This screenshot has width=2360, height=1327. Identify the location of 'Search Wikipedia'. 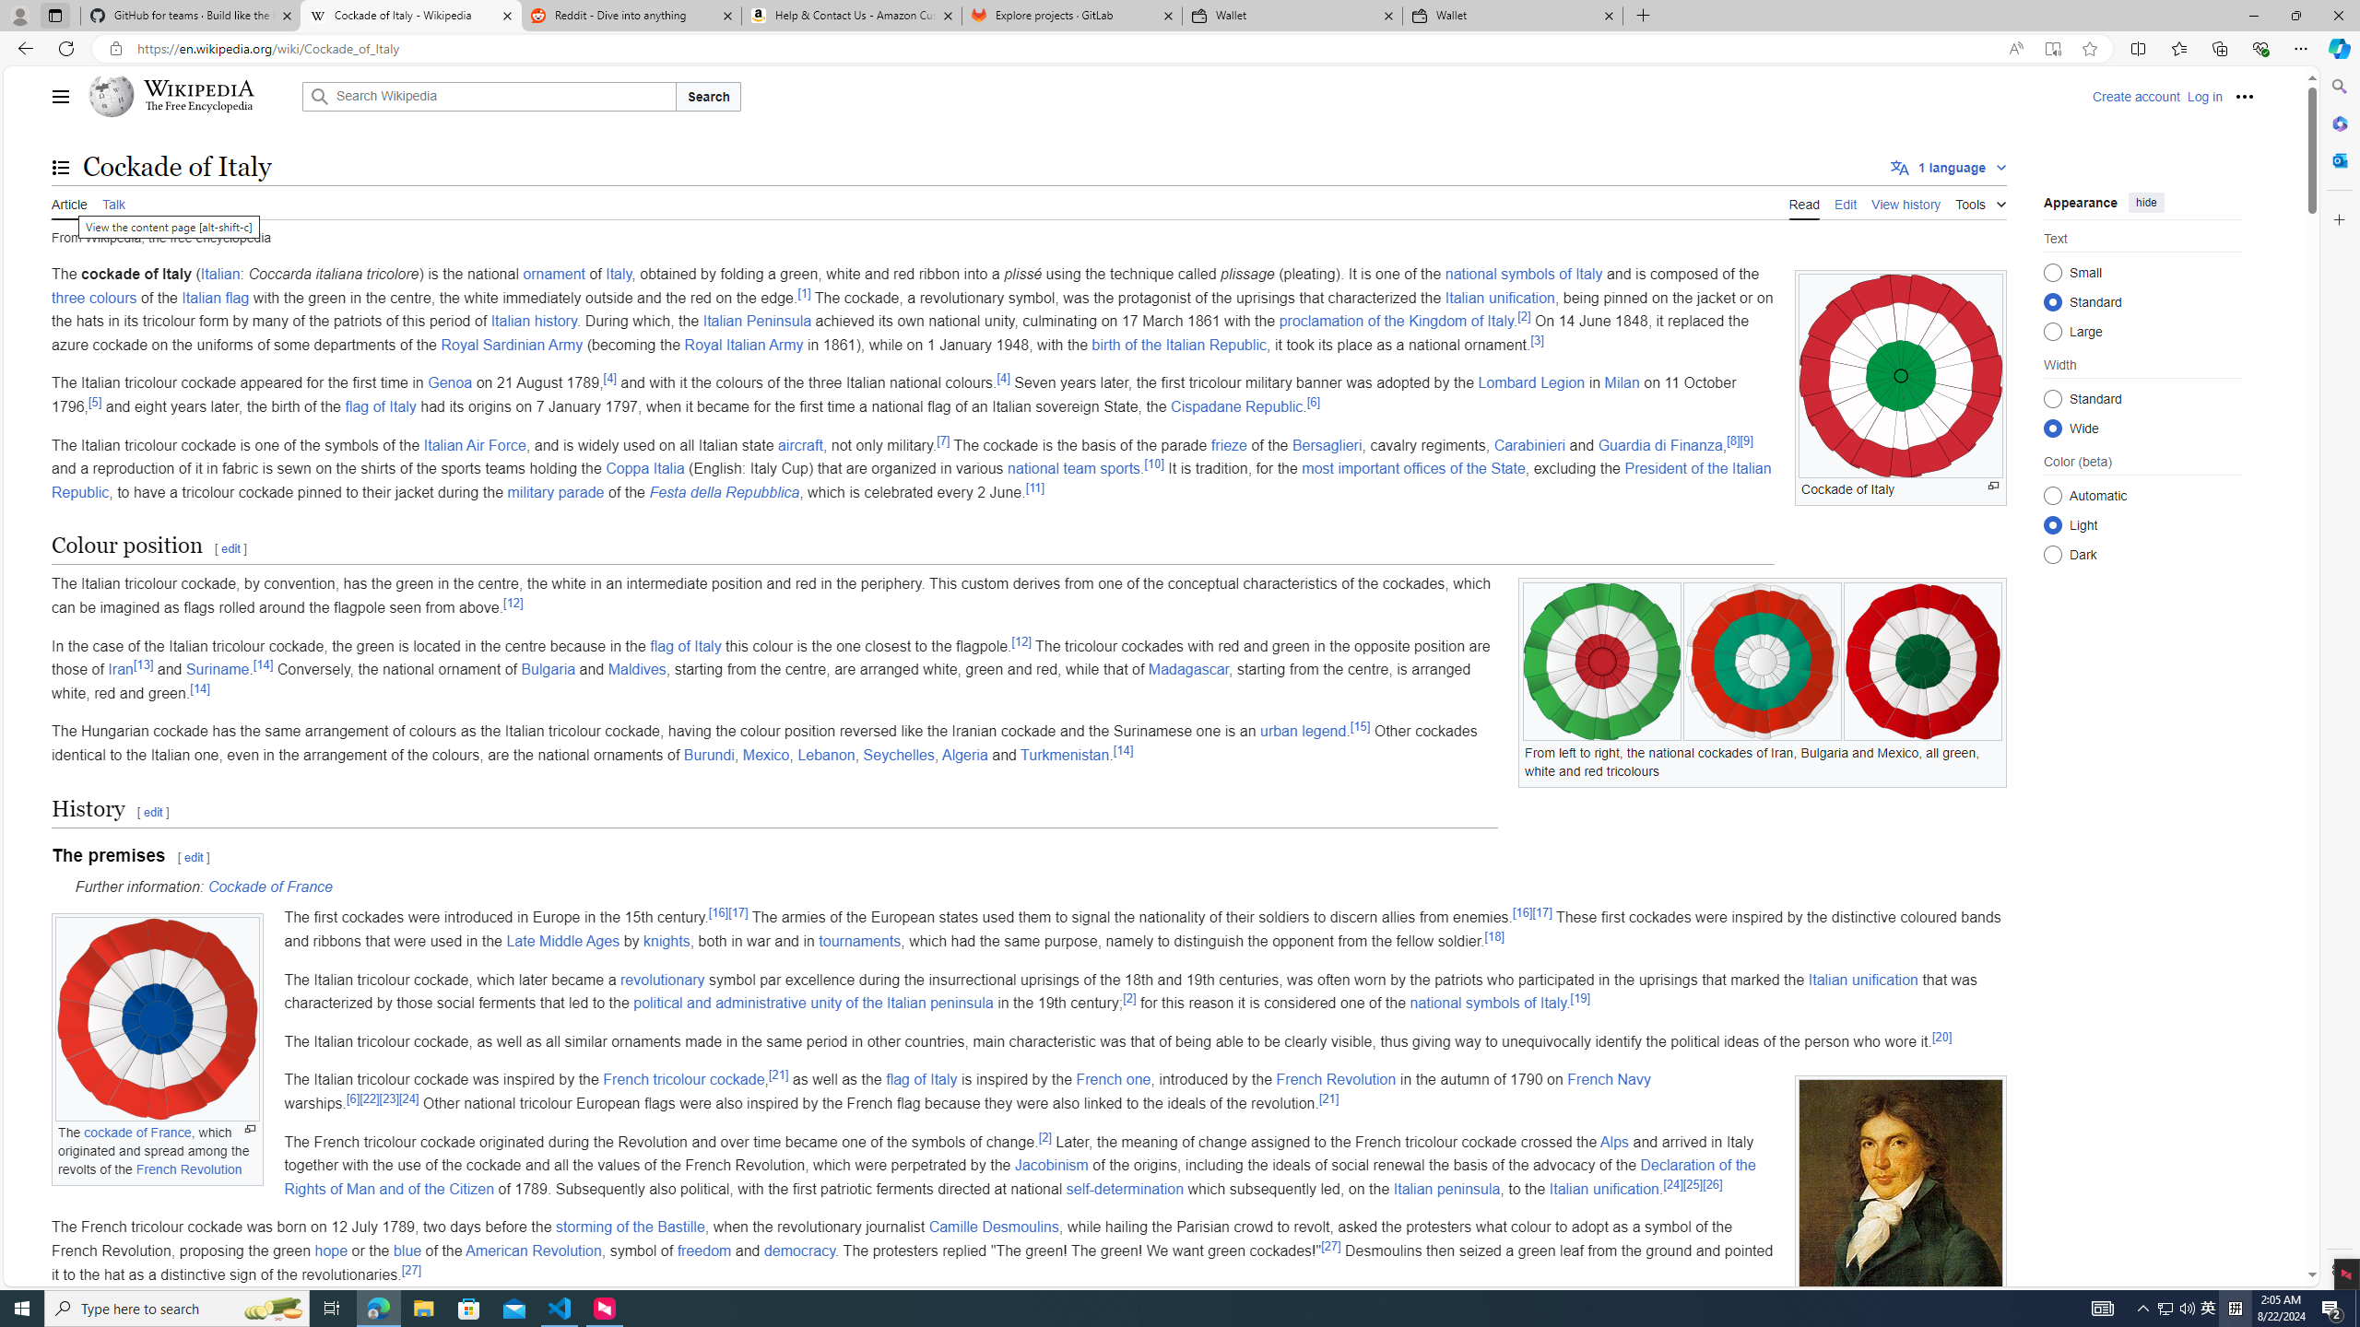
(489, 96).